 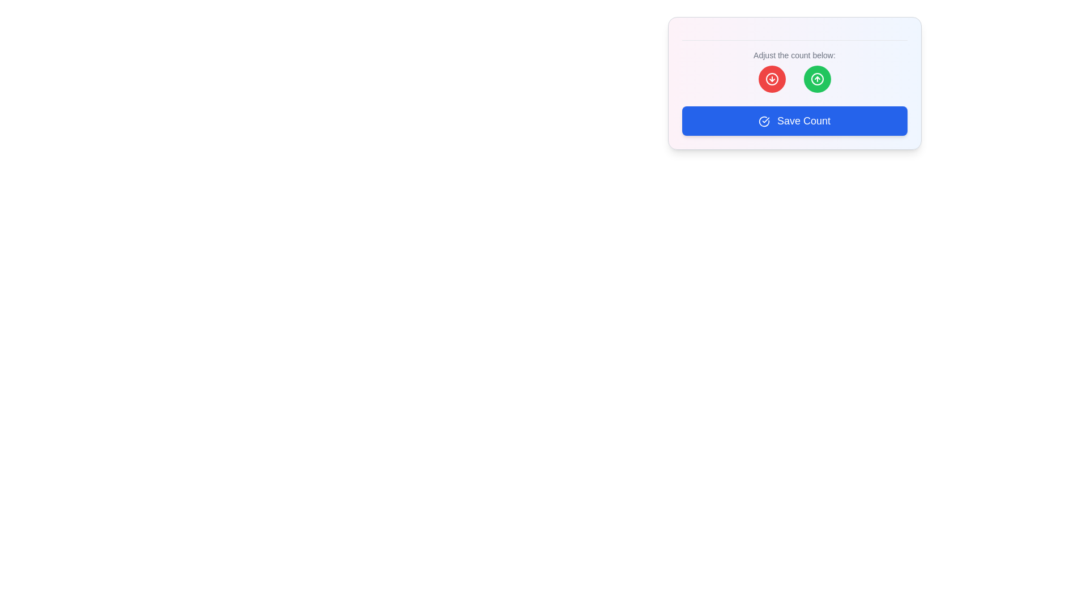 What do you see at coordinates (817, 78) in the screenshot?
I see `the circular icon with an upward-pointing arrow enclosed within a green background, which is the second button in a row of interactive icons` at bounding box center [817, 78].